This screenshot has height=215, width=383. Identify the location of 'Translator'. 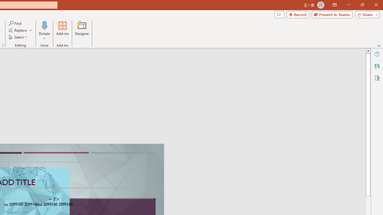
(377, 66).